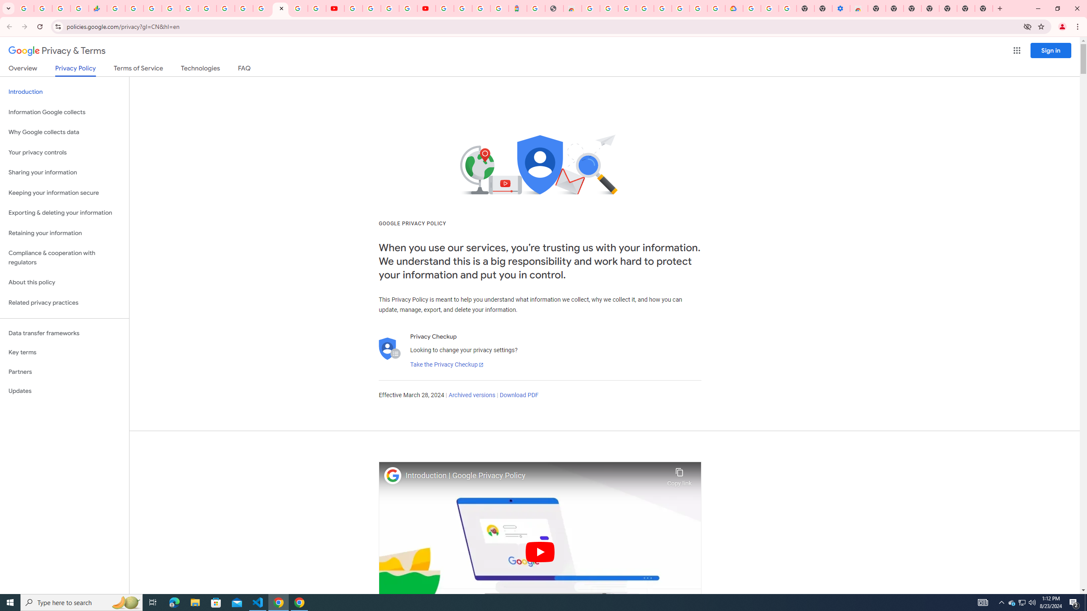 The image size is (1087, 611). I want to click on 'Turn cookies on or off - Computer - Google Account Help', so click(787, 8).